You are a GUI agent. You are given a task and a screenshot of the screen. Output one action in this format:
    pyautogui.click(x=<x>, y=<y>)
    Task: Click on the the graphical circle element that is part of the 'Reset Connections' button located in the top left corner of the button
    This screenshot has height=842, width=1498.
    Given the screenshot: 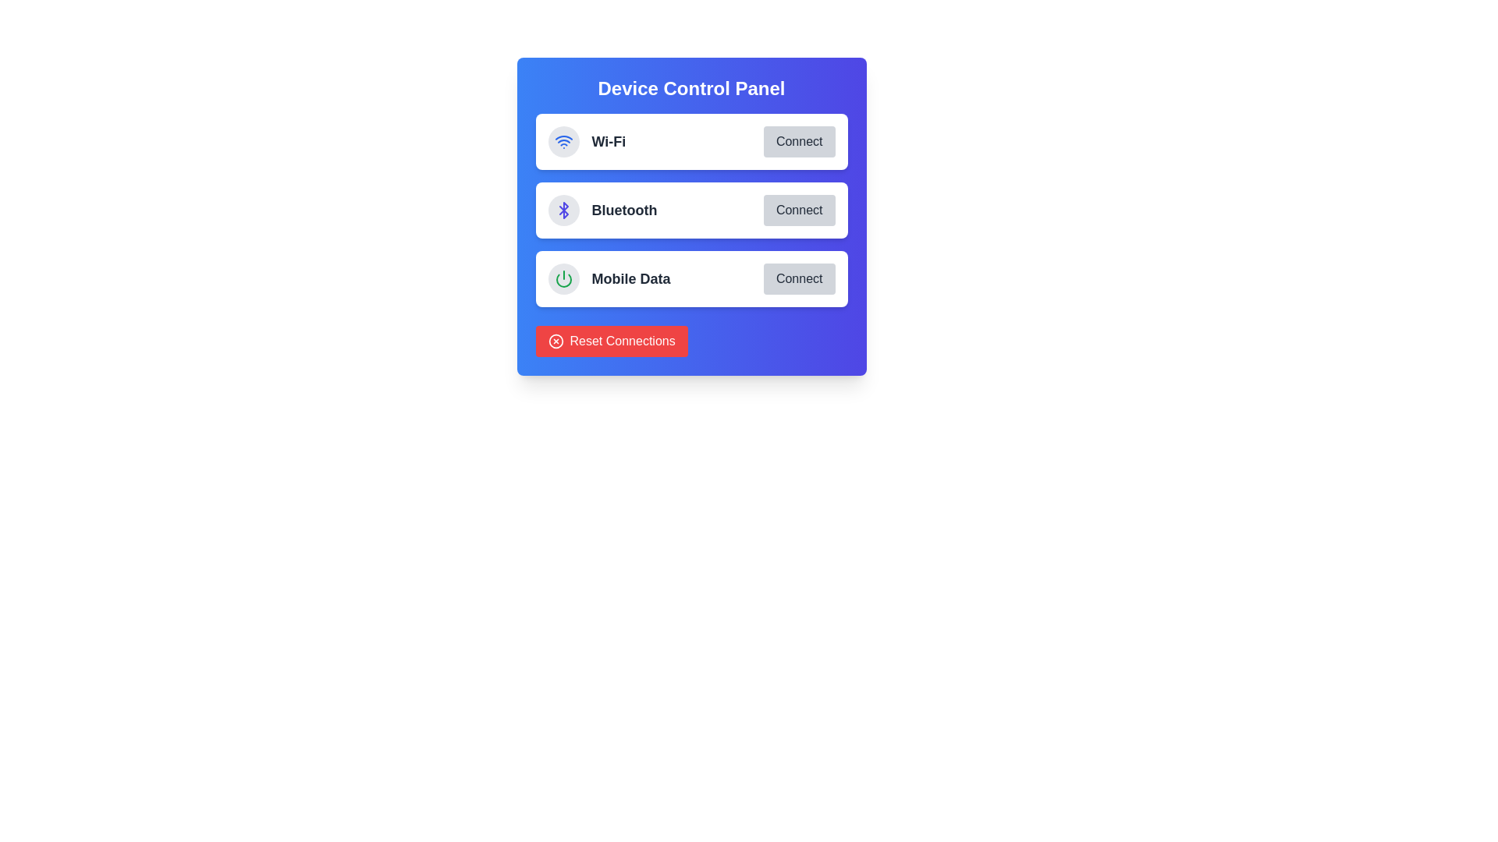 What is the action you would take?
    pyautogui.click(x=556, y=341)
    